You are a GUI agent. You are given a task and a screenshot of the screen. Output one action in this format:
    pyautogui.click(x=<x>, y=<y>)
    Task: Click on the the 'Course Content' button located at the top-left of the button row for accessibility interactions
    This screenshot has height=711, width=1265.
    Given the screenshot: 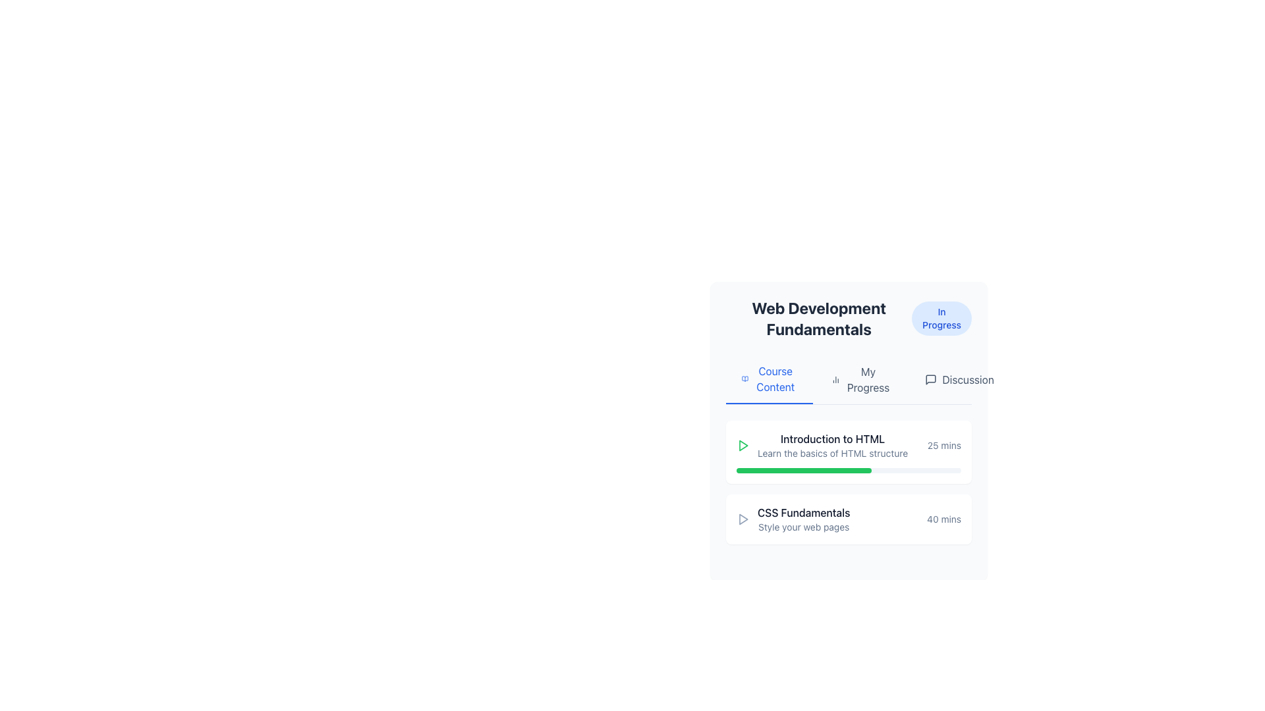 What is the action you would take?
    pyautogui.click(x=769, y=380)
    